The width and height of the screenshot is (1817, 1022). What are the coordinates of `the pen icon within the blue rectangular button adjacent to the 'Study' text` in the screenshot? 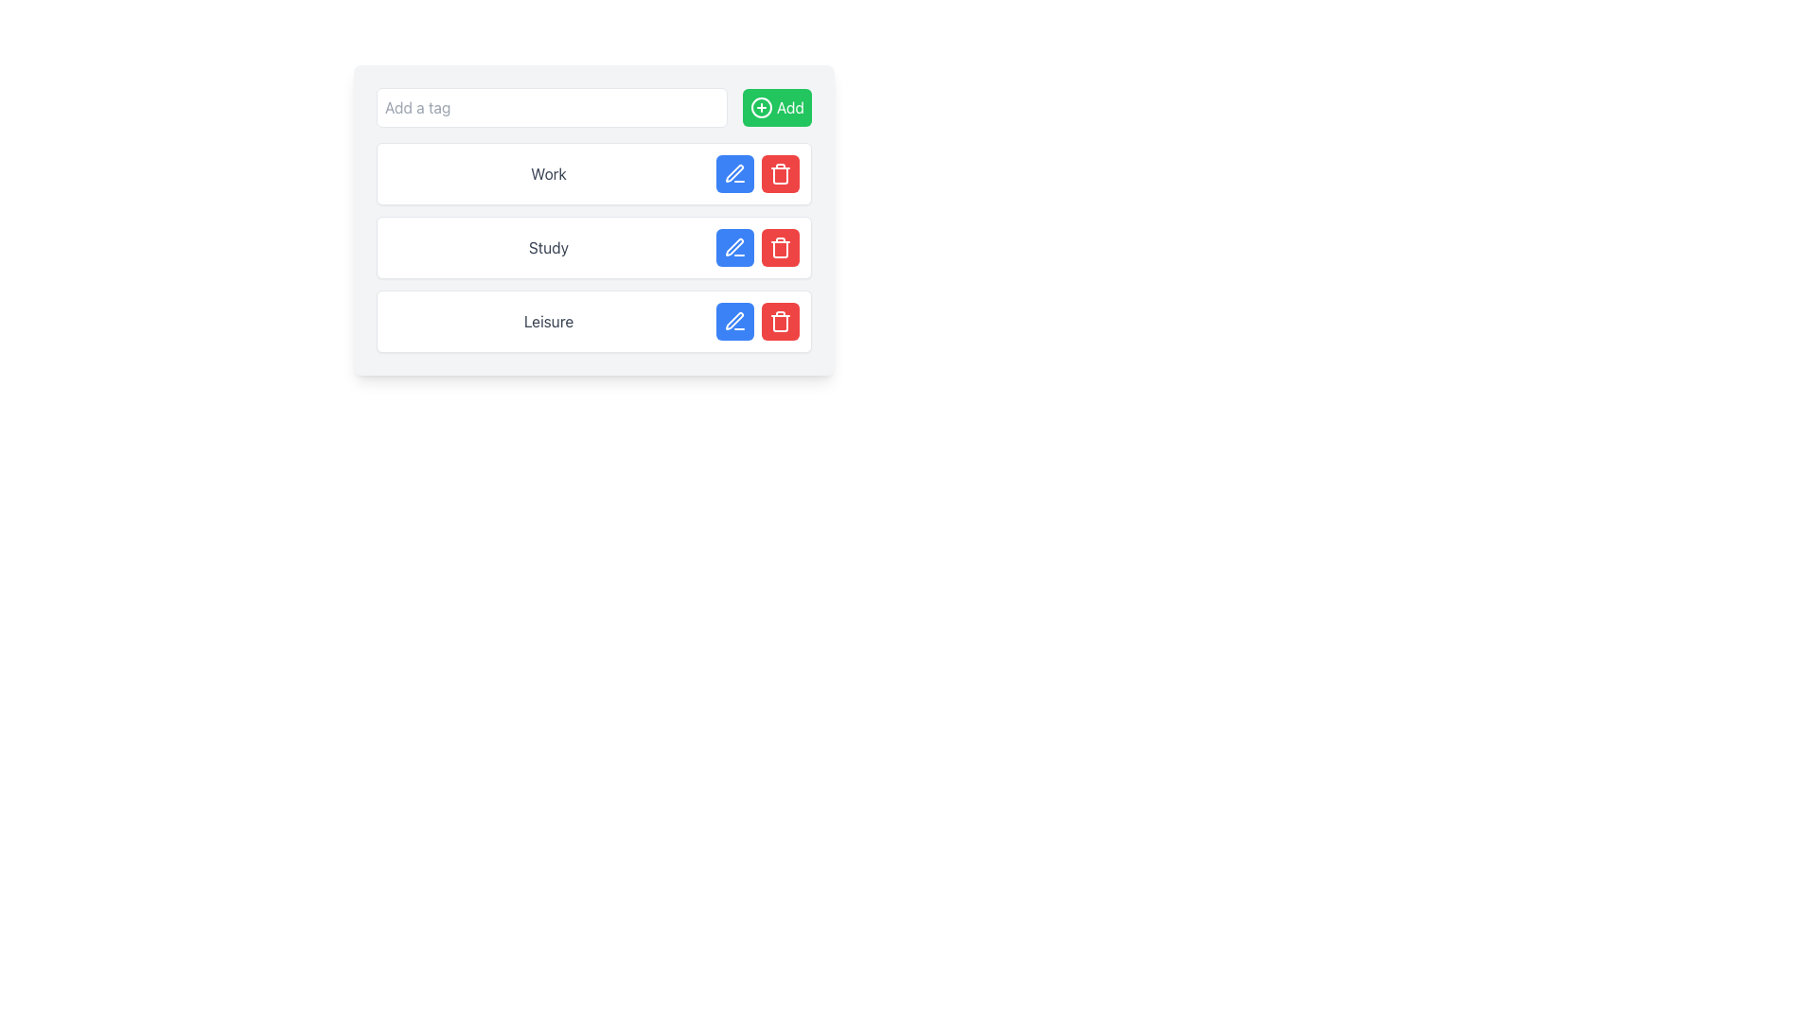 It's located at (733, 246).